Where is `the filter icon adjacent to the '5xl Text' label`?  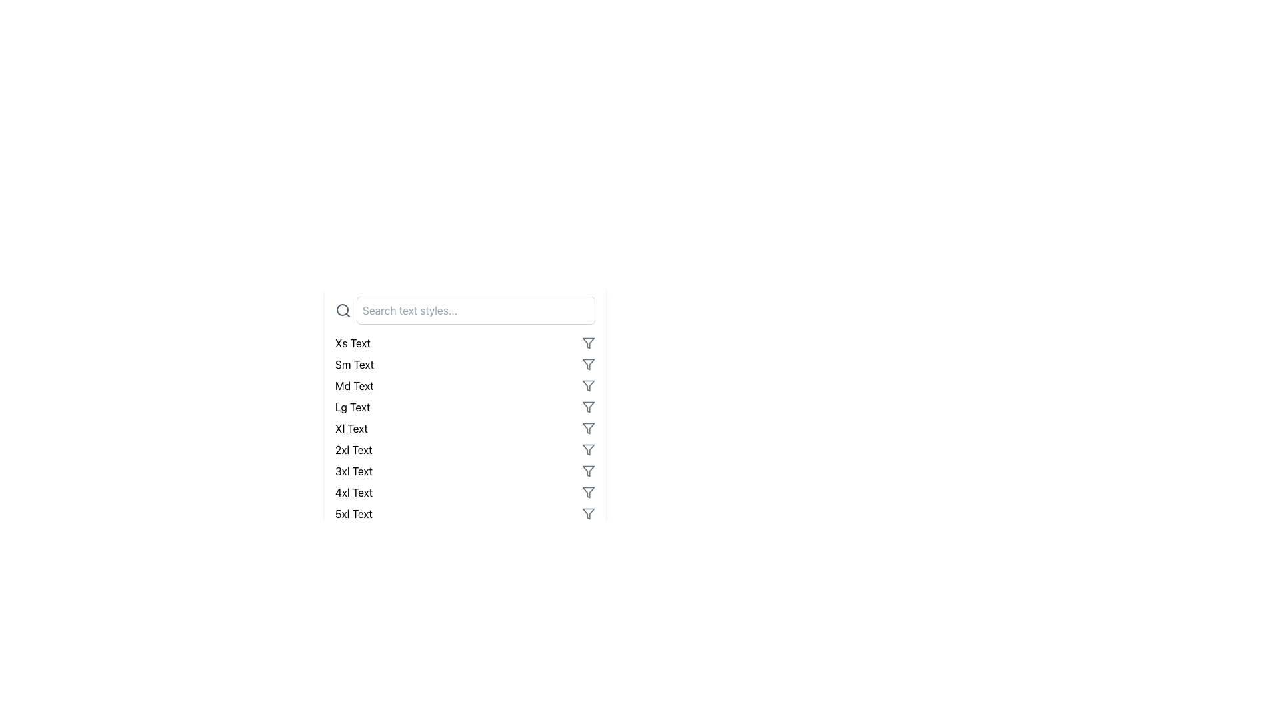 the filter icon adjacent to the '5xl Text' label is located at coordinates (588, 513).